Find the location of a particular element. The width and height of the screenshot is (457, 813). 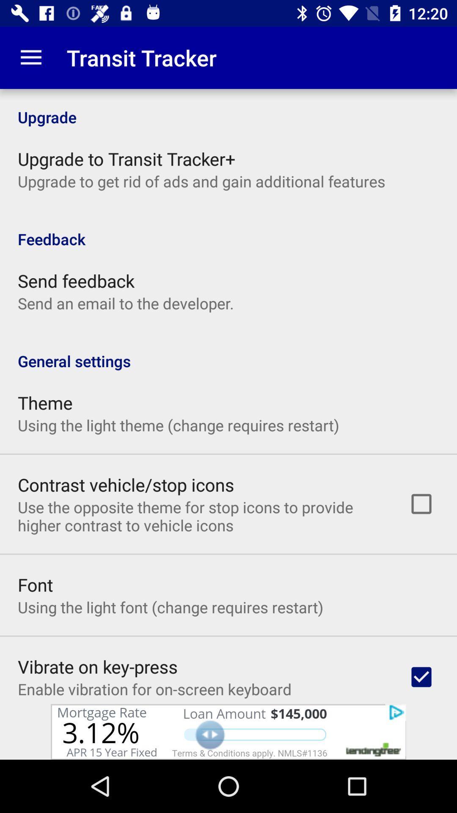

open advertisement is located at coordinates (228, 731).